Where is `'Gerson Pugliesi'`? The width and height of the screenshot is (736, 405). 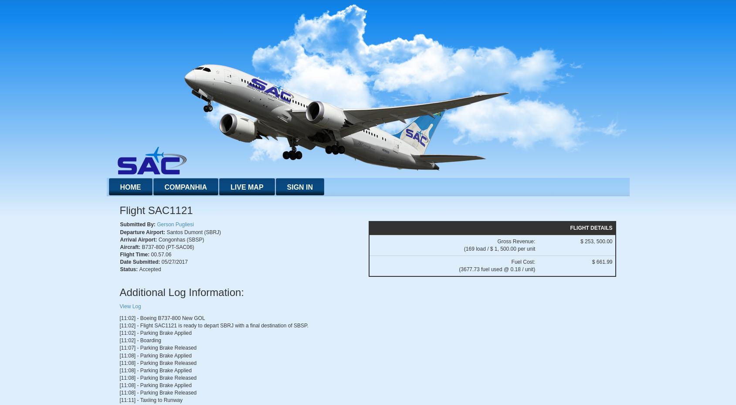
'Gerson Pugliesi' is located at coordinates (174, 225).